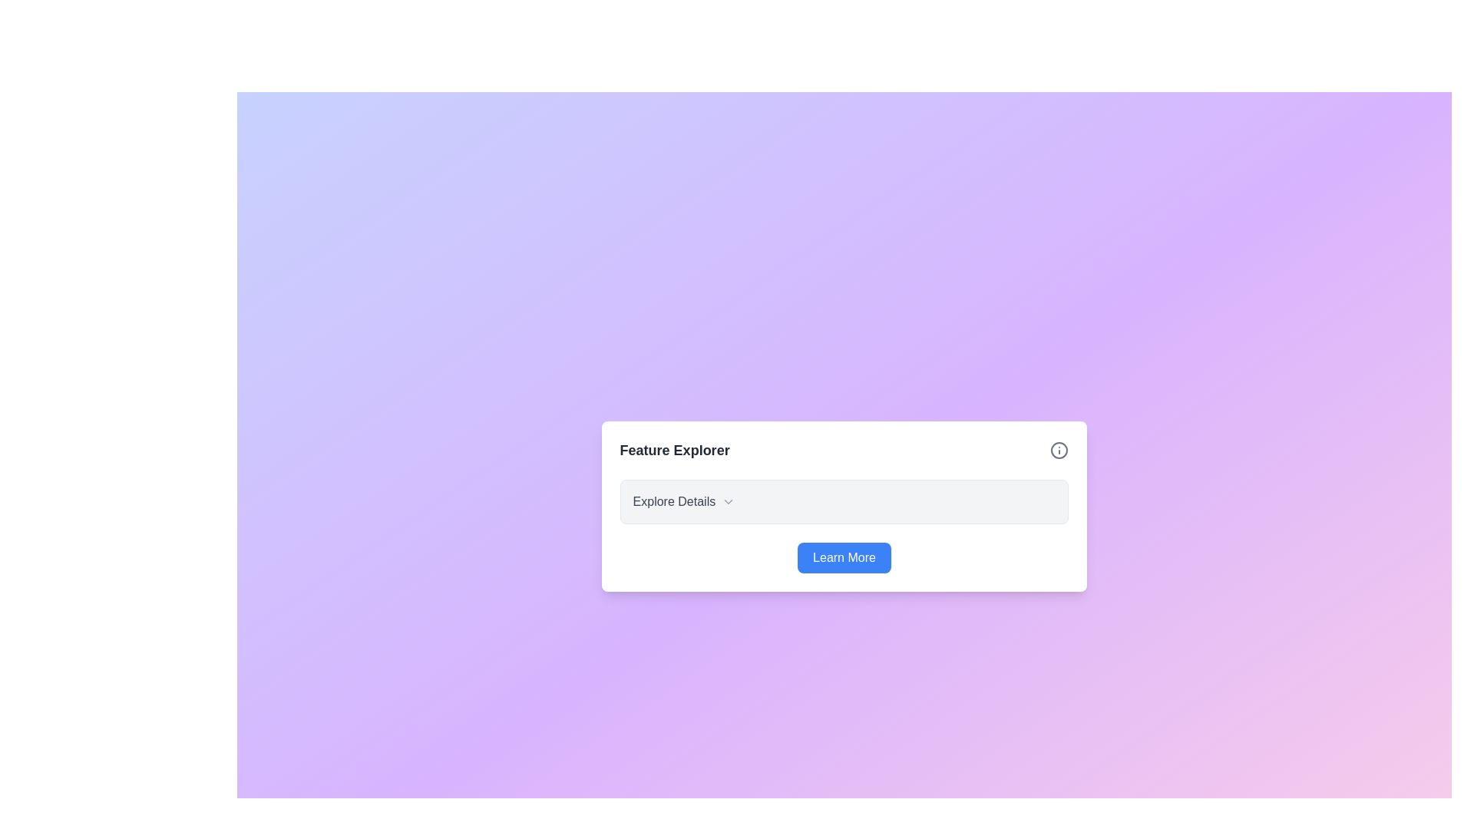  What do you see at coordinates (1059, 449) in the screenshot?
I see `the central circular shape of the informational icon located in the top-right corner of the card interface, adjacent to the 'Feature Explorer' text and dropdown menu` at bounding box center [1059, 449].